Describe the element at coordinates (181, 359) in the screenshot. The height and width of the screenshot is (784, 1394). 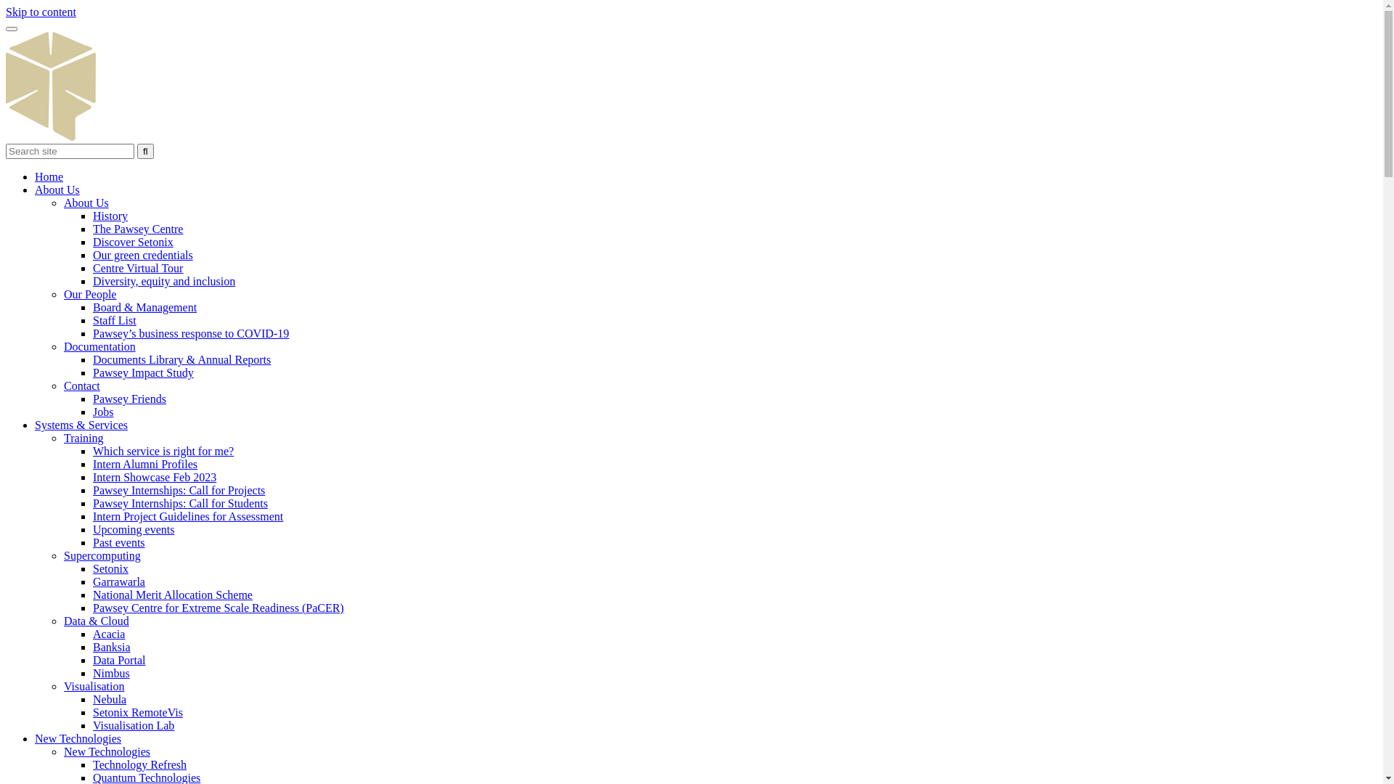
I see `'Documents Library & Annual Reports'` at that location.